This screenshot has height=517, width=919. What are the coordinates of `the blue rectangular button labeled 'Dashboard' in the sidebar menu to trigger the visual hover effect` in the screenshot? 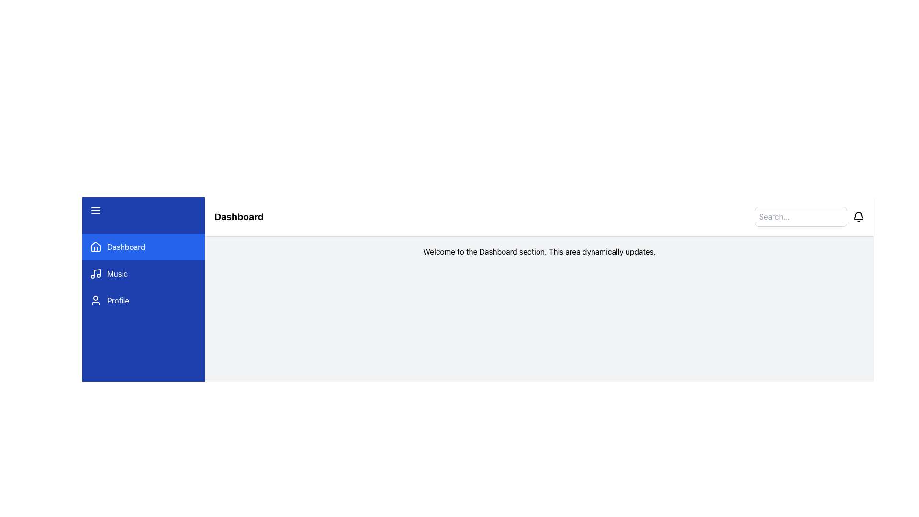 It's located at (143, 247).